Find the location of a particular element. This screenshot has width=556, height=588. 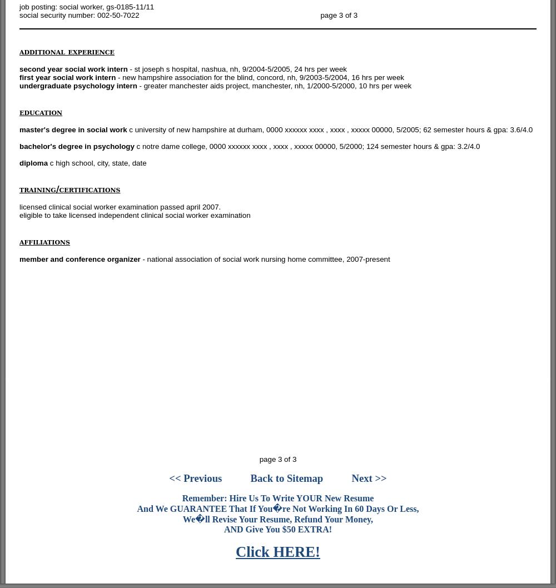

'education' is located at coordinates (40, 112).